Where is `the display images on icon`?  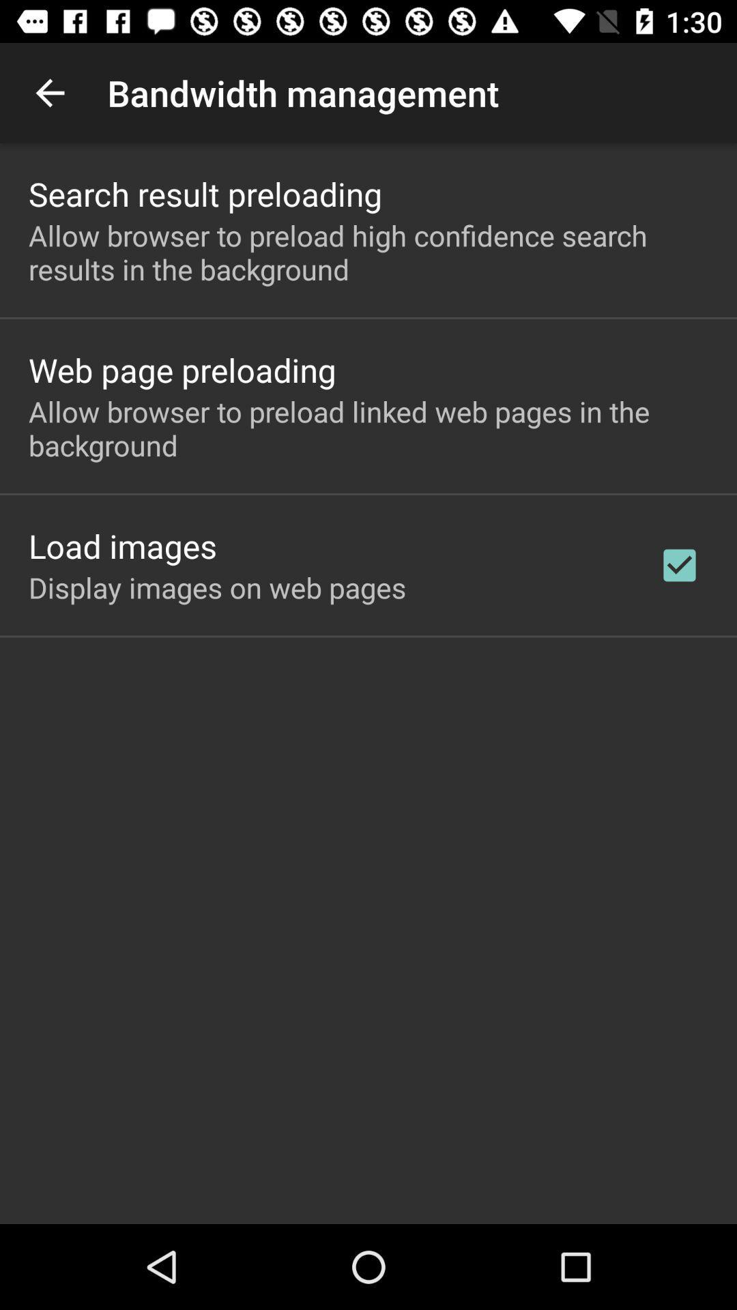
the display images on icon is located at coordinates (216, 587).